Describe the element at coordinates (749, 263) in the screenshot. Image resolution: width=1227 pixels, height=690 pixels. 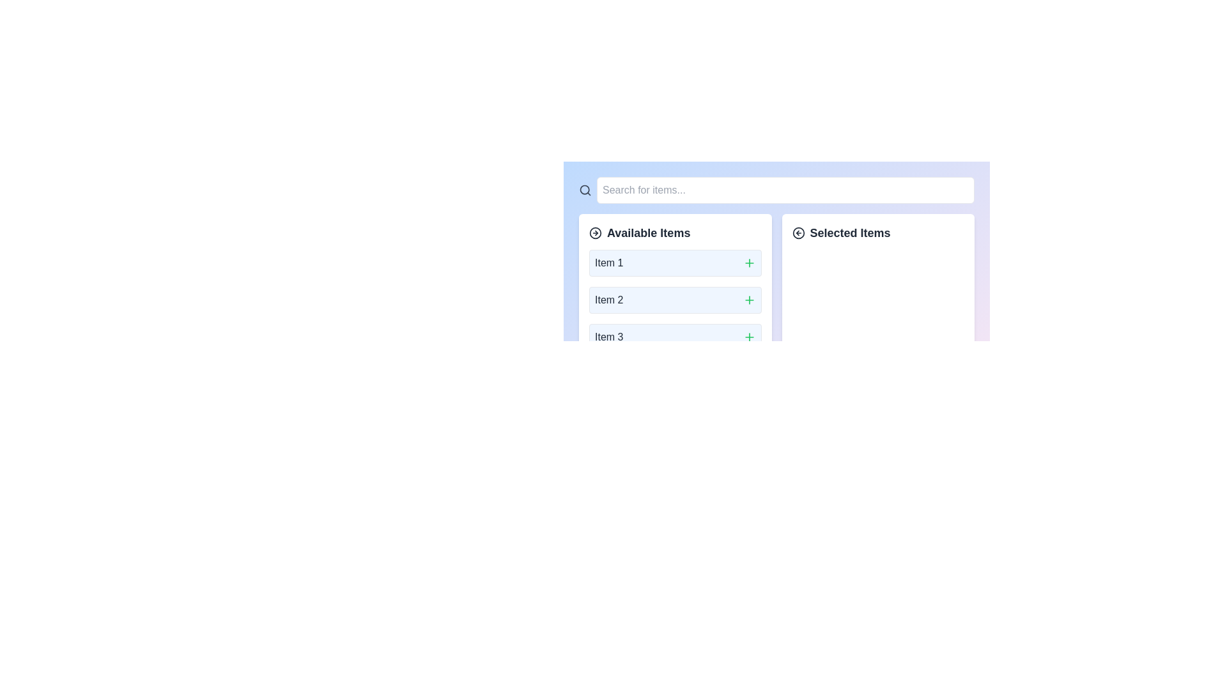
I see `the icon button associated with 'Item 1'` at that location.